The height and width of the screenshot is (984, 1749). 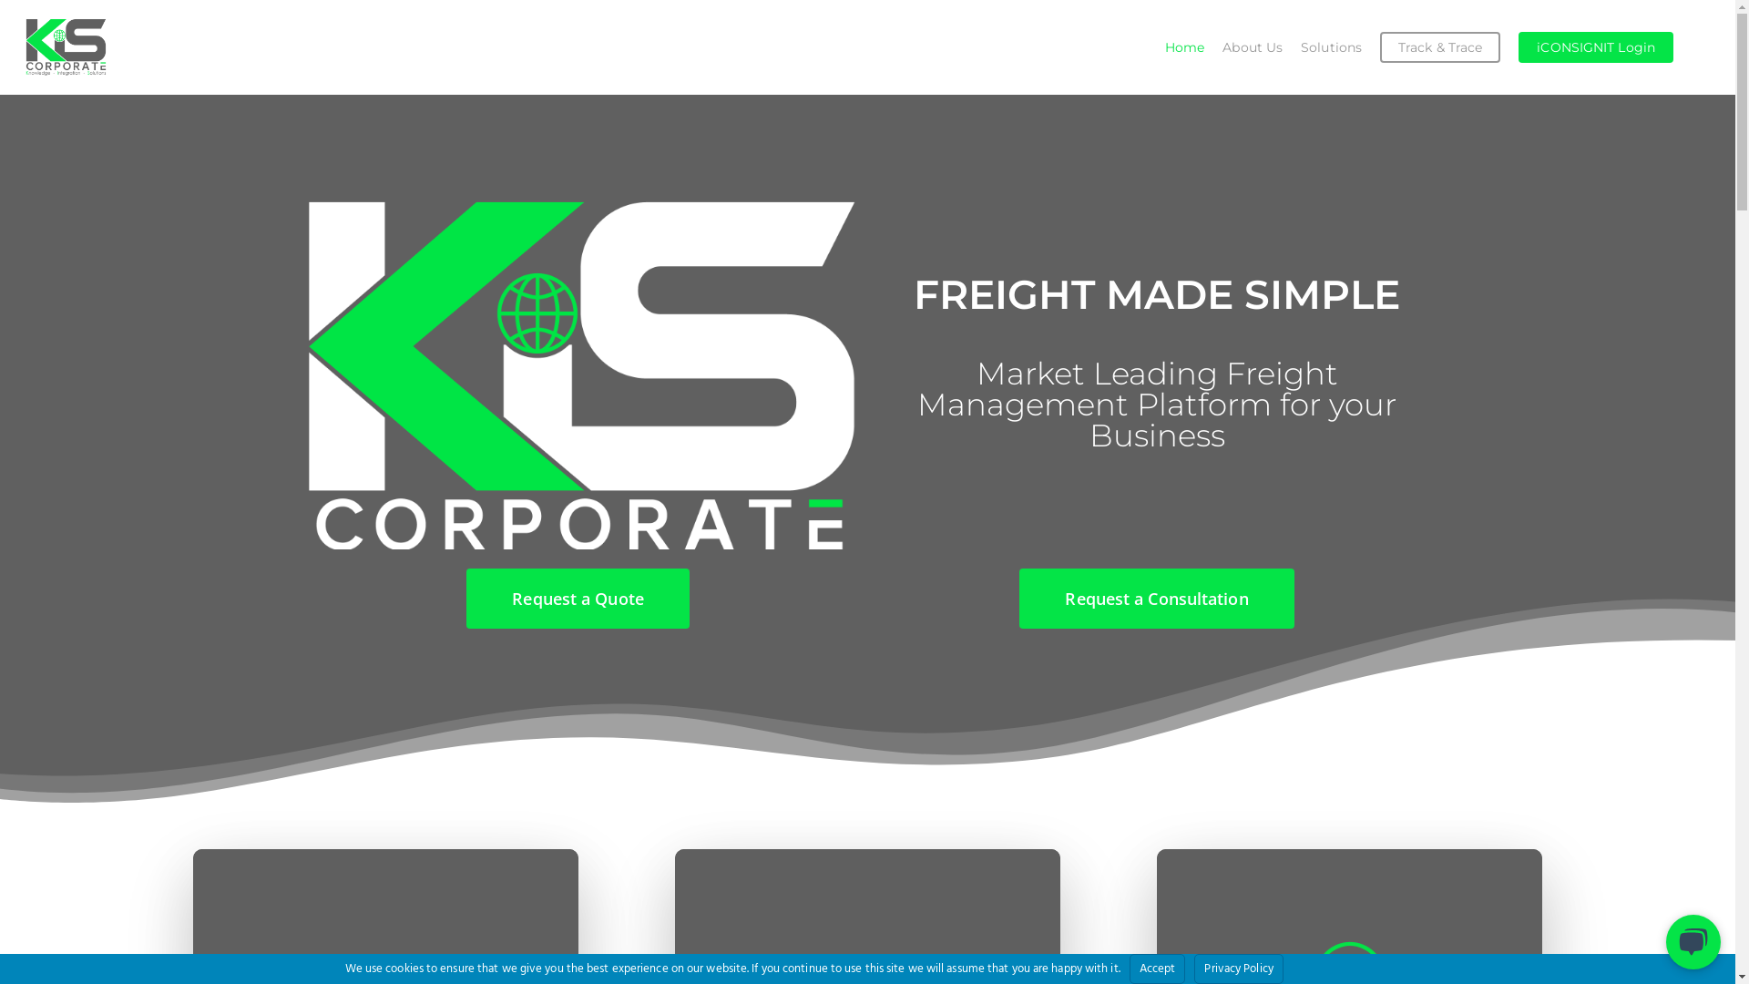 What do you see at coordinates (1184, 46) in the screenshot?
I see `'Home'` at bounding box center [1184, 46].